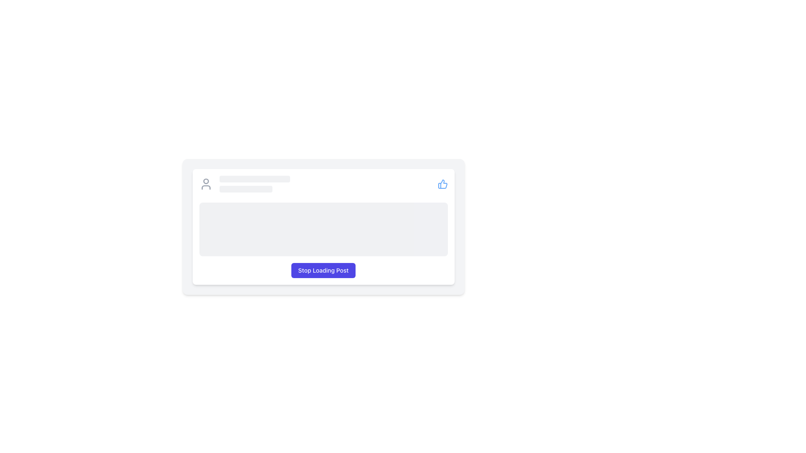 This screenshot has height=453, width=806. I want to click on the stop loading button located at the bottom center of the user information card, so click(323, 270).